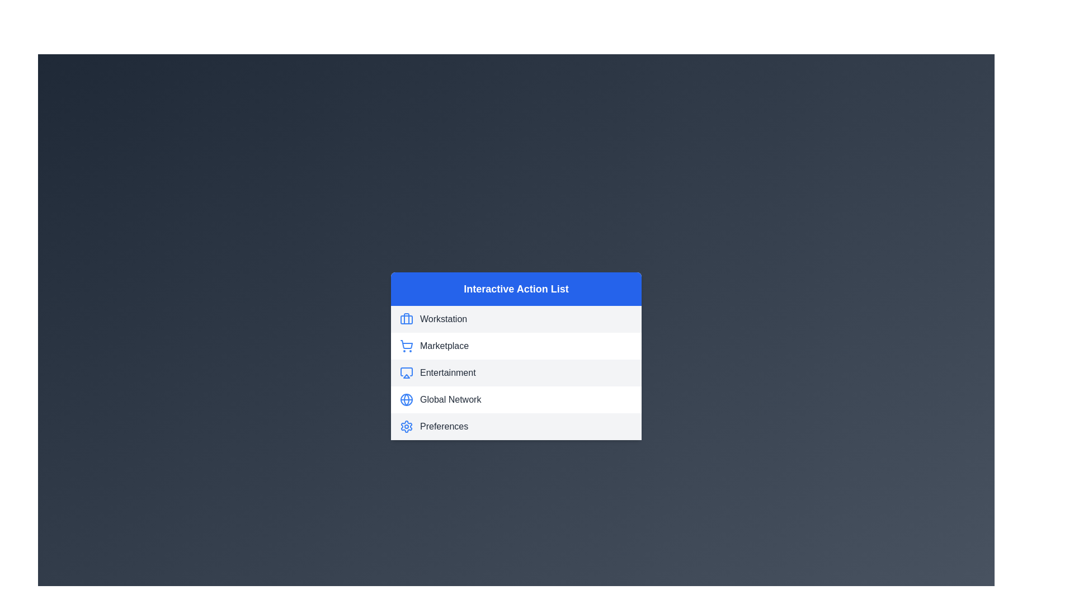 Image resolution: width=1074 pixels, height=604 pixels. What do you see at coordinates (406, 344) in the screenshot?
I see `the shopping cart icon, which is the second icon in the 'Interactive Action List' under 'Marketplace'` at bounding box center [406, 344].